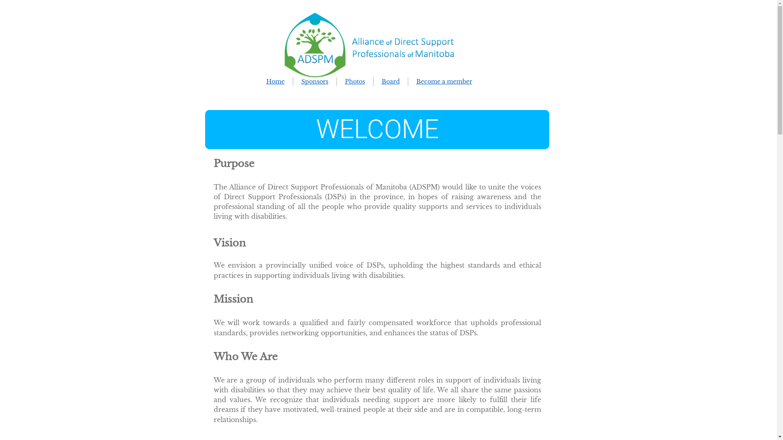  What do you see at coordinates (301, 81) in the screenshot?
I see `'Sponsors'` at bounding box center [301, 81].